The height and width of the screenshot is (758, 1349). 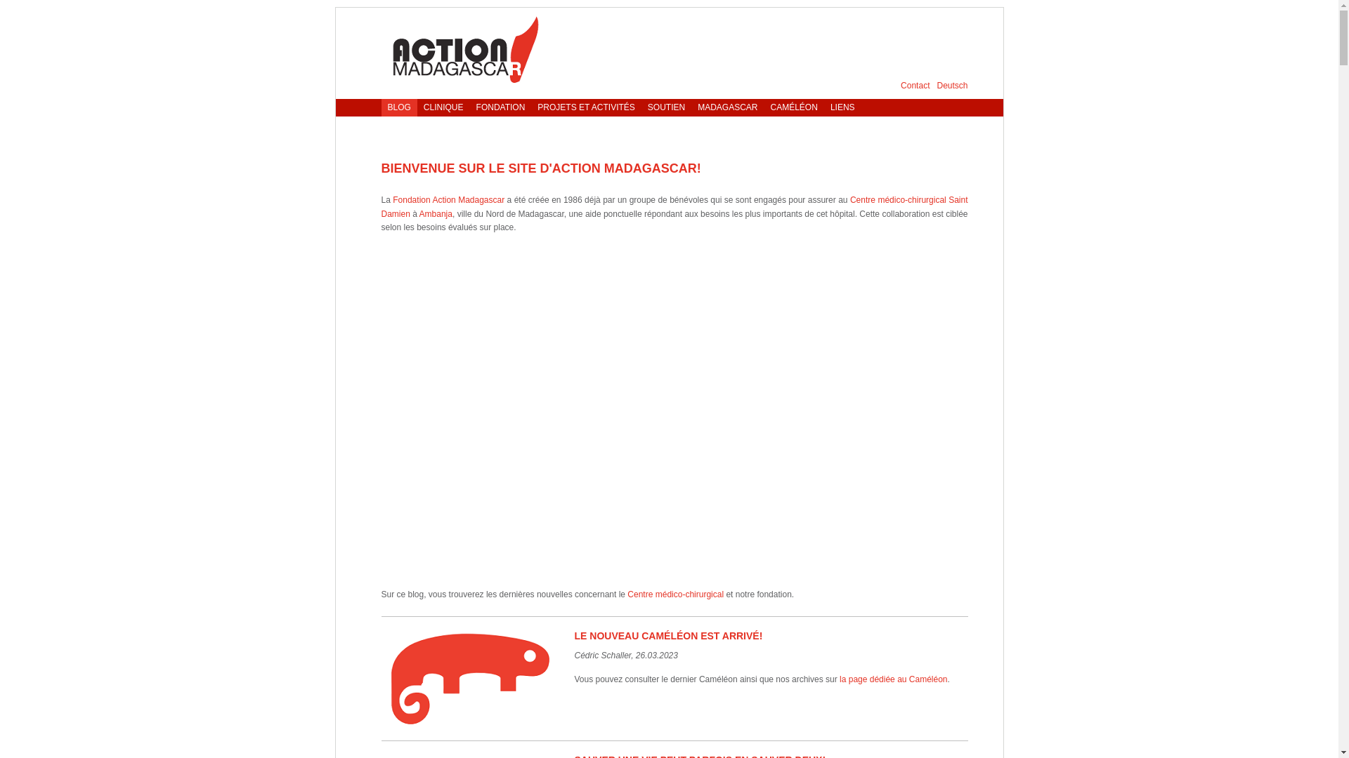 What do you see at coordinates (443, 107) in the screenshot?
I see `'CLINIQUE'` at bounding box center [443, 107].